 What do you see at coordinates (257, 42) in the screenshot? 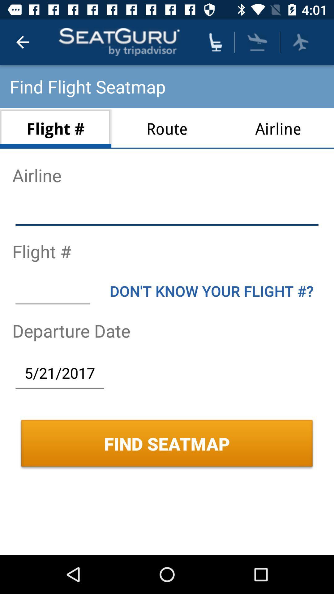
I see `flight` at bounding box center [257, 42].